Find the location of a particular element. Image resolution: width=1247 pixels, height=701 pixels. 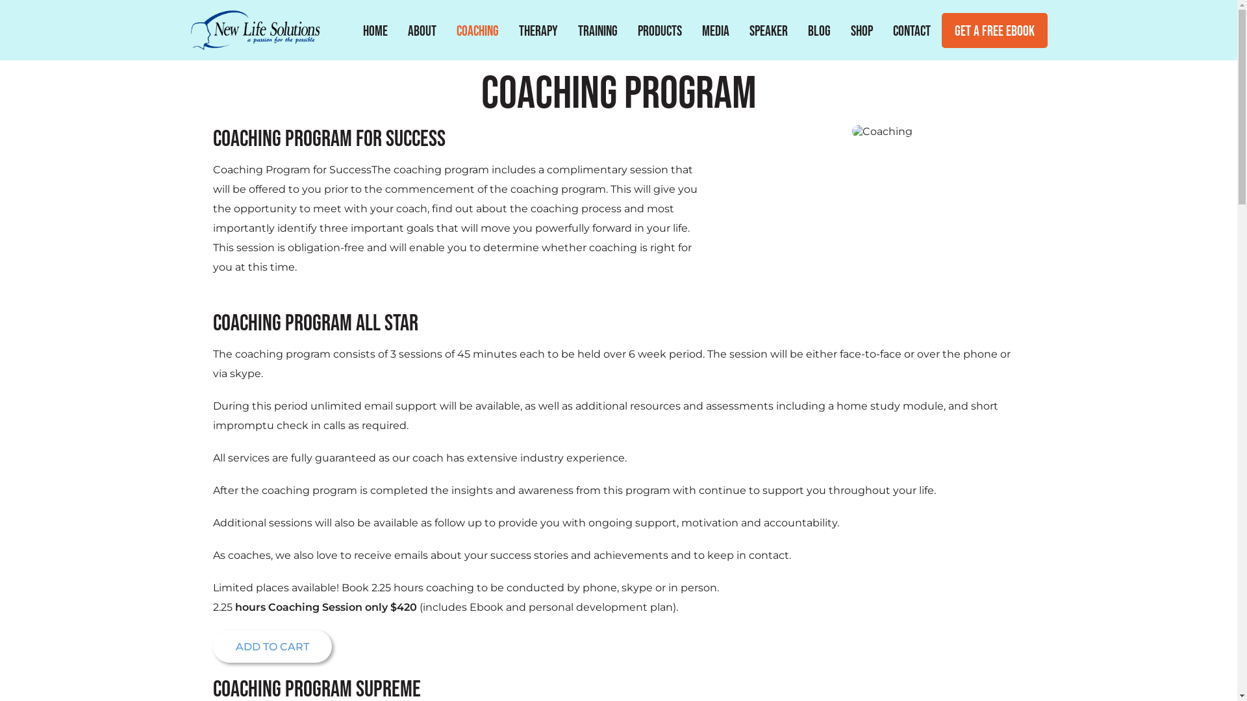

'PRODUCTS' is located at coordinates (659, 29).